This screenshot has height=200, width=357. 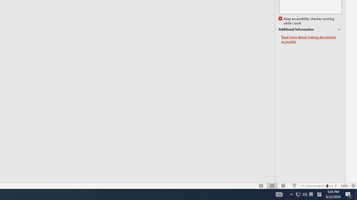 I want to click on 'Read more about making documents accessible', so click(x=311, y=39).